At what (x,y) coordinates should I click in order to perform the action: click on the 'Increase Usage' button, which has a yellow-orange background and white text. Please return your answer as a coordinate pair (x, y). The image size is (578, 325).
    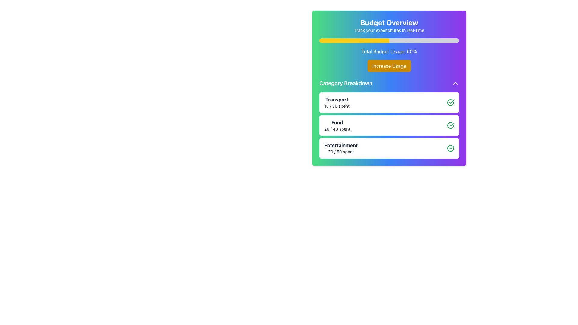
    Looking at the image, I should click on (389, 66).